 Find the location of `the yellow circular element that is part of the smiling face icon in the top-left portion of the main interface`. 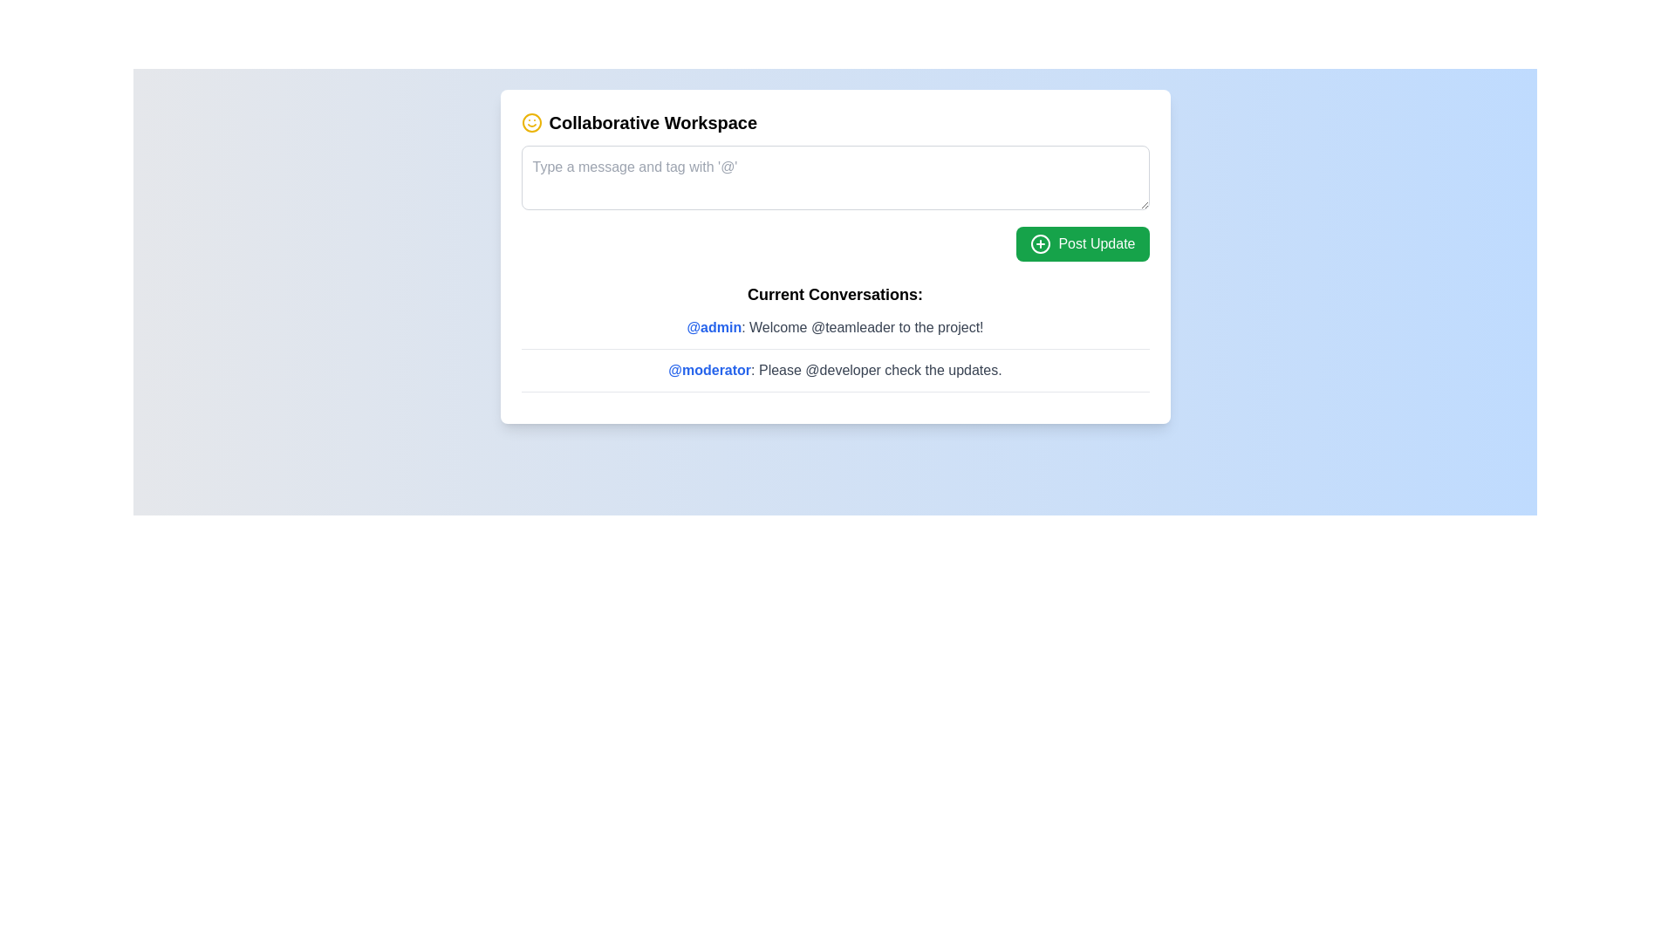

the yellow circular element that is part of the smiling face icon in the top-left portion of the main interface is located at coordinates (530, 122).